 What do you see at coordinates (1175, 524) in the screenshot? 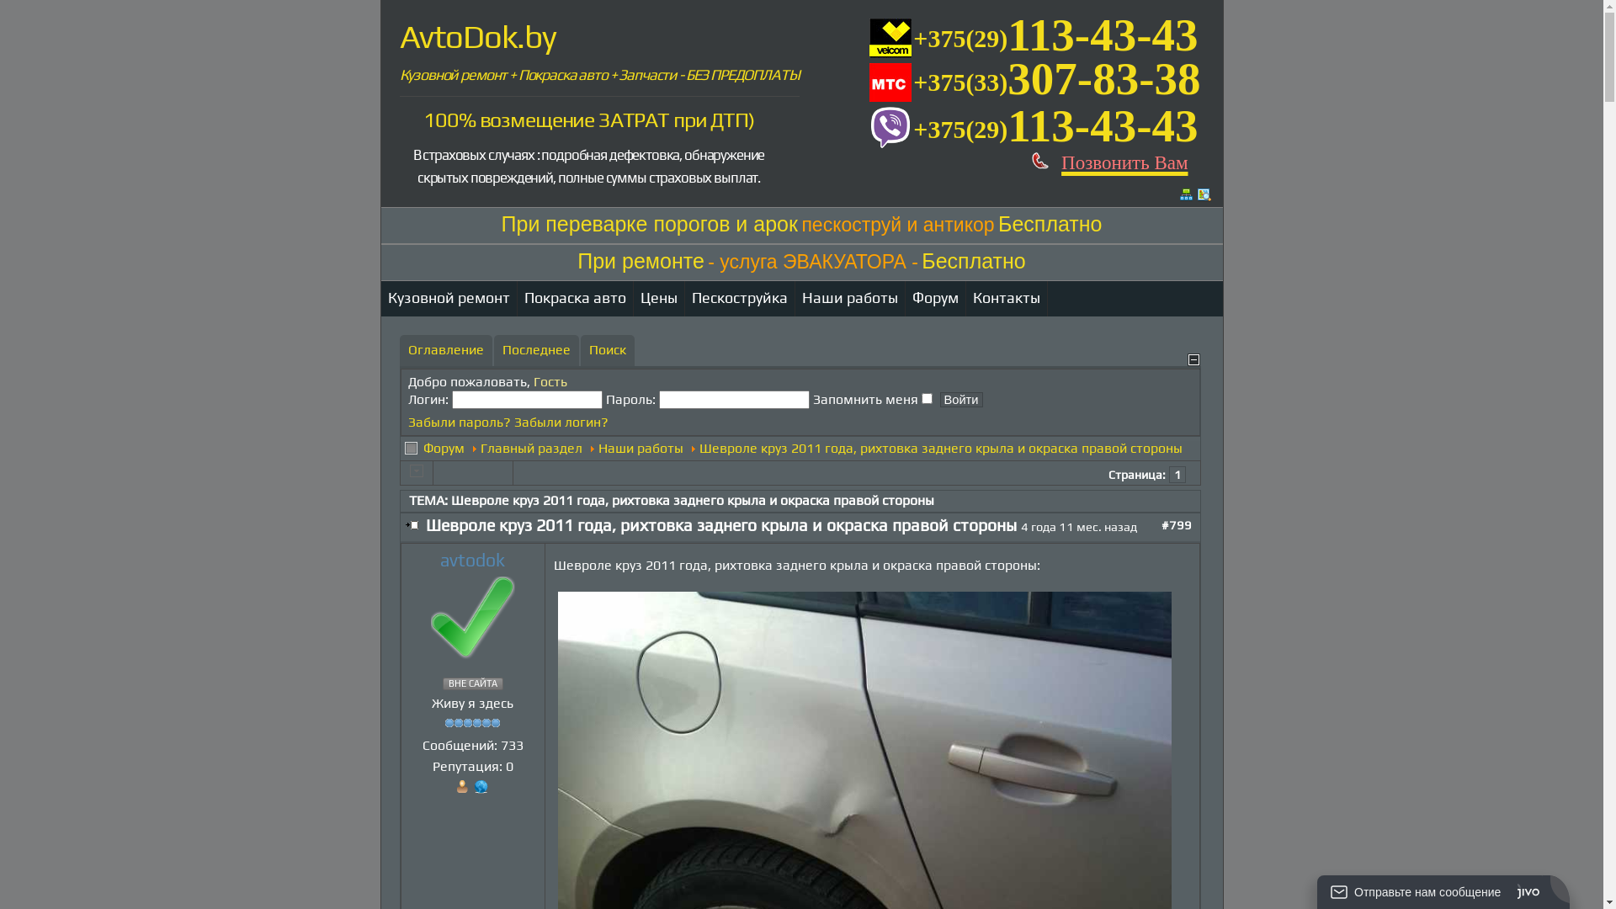
I see `'#799'` at bounding box center [1175, 524].